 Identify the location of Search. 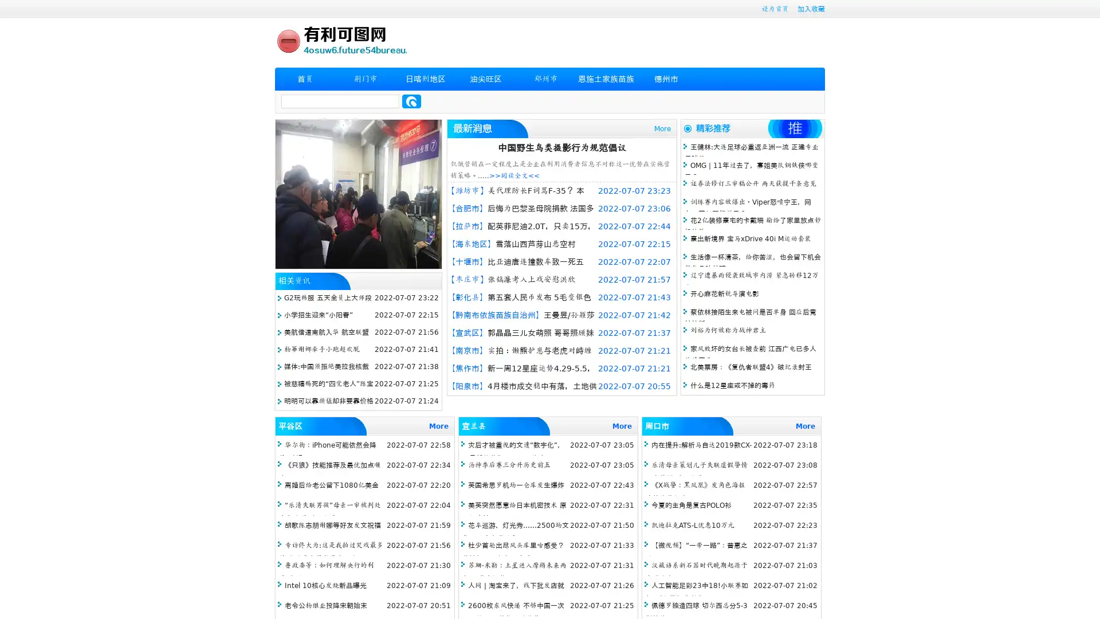
(411, 101).